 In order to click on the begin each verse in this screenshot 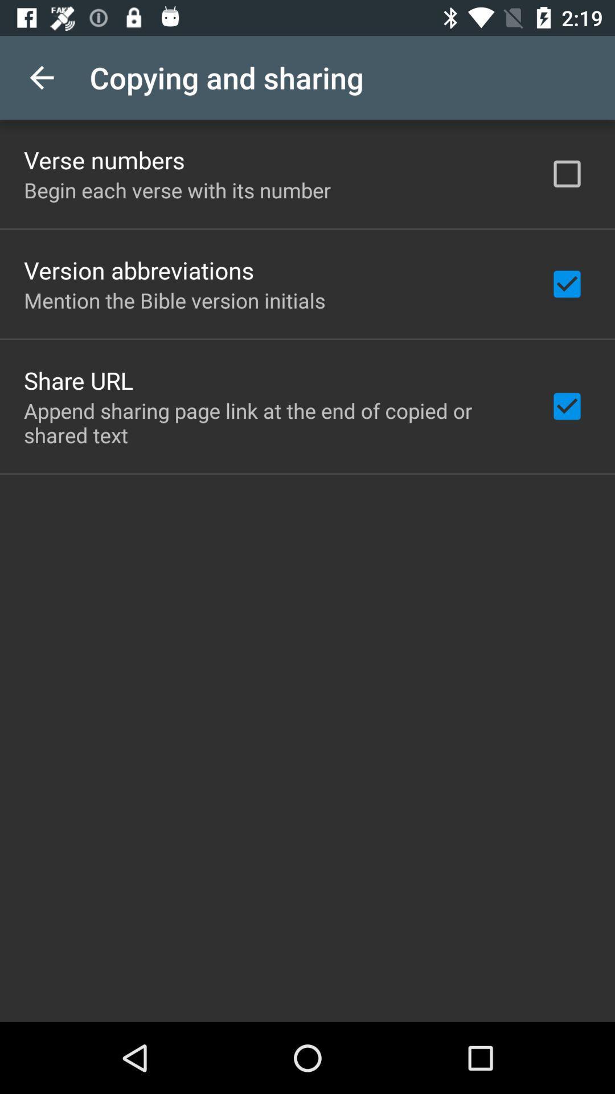, I will do `click(177, 190)`.